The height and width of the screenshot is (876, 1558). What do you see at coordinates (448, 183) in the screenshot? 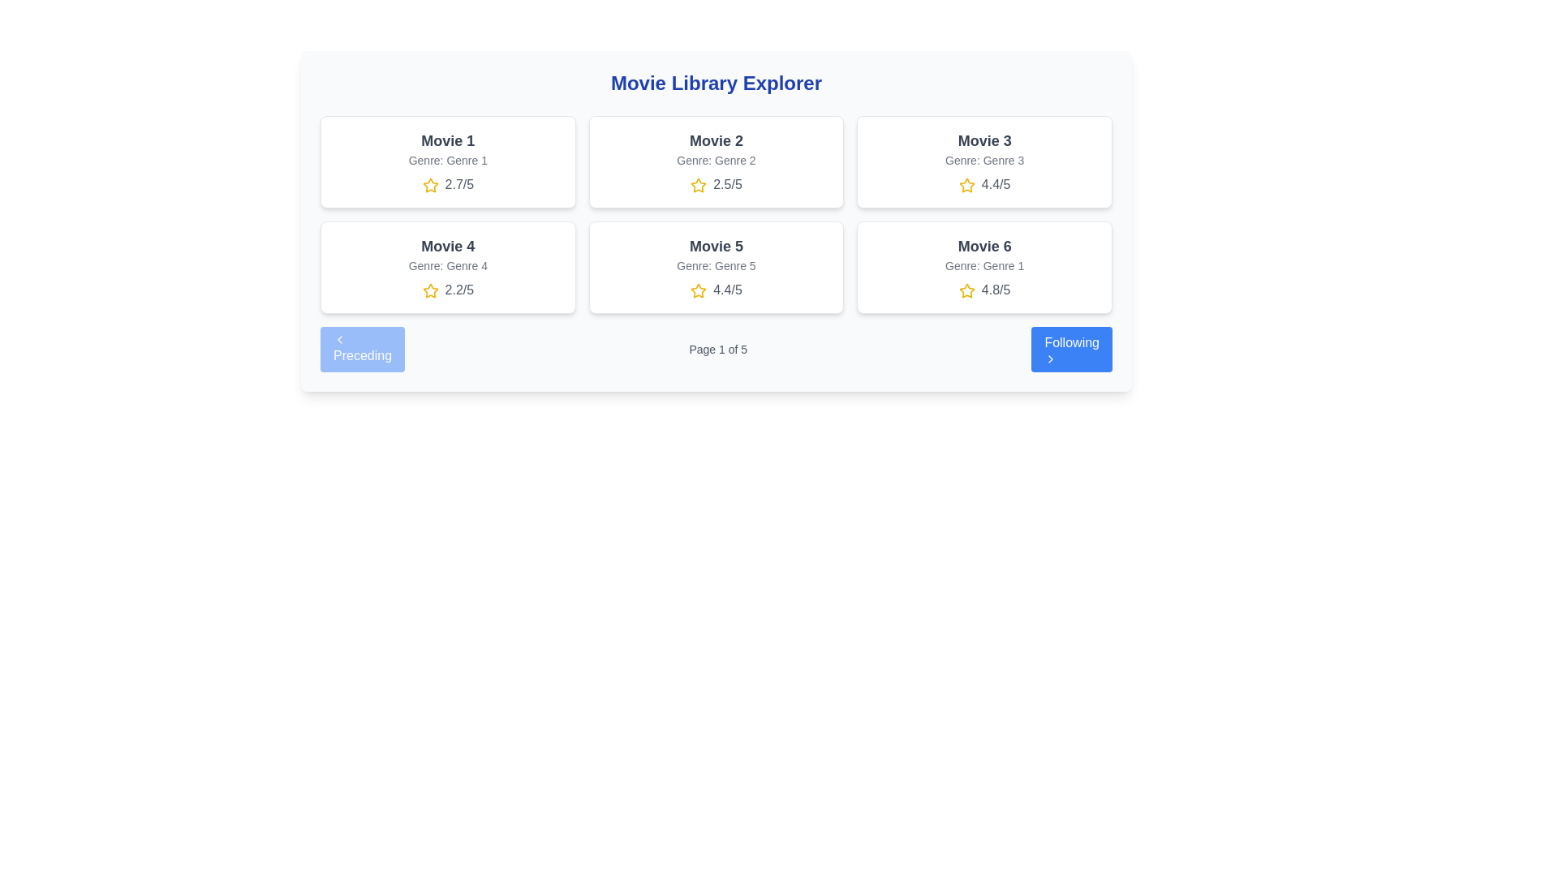
I see `the static text displaying the movie rating located at the bottom of the 'Movie 1' card, directly below the genre text 'Genre: Genre 1'` at bounding box center [448, 183].